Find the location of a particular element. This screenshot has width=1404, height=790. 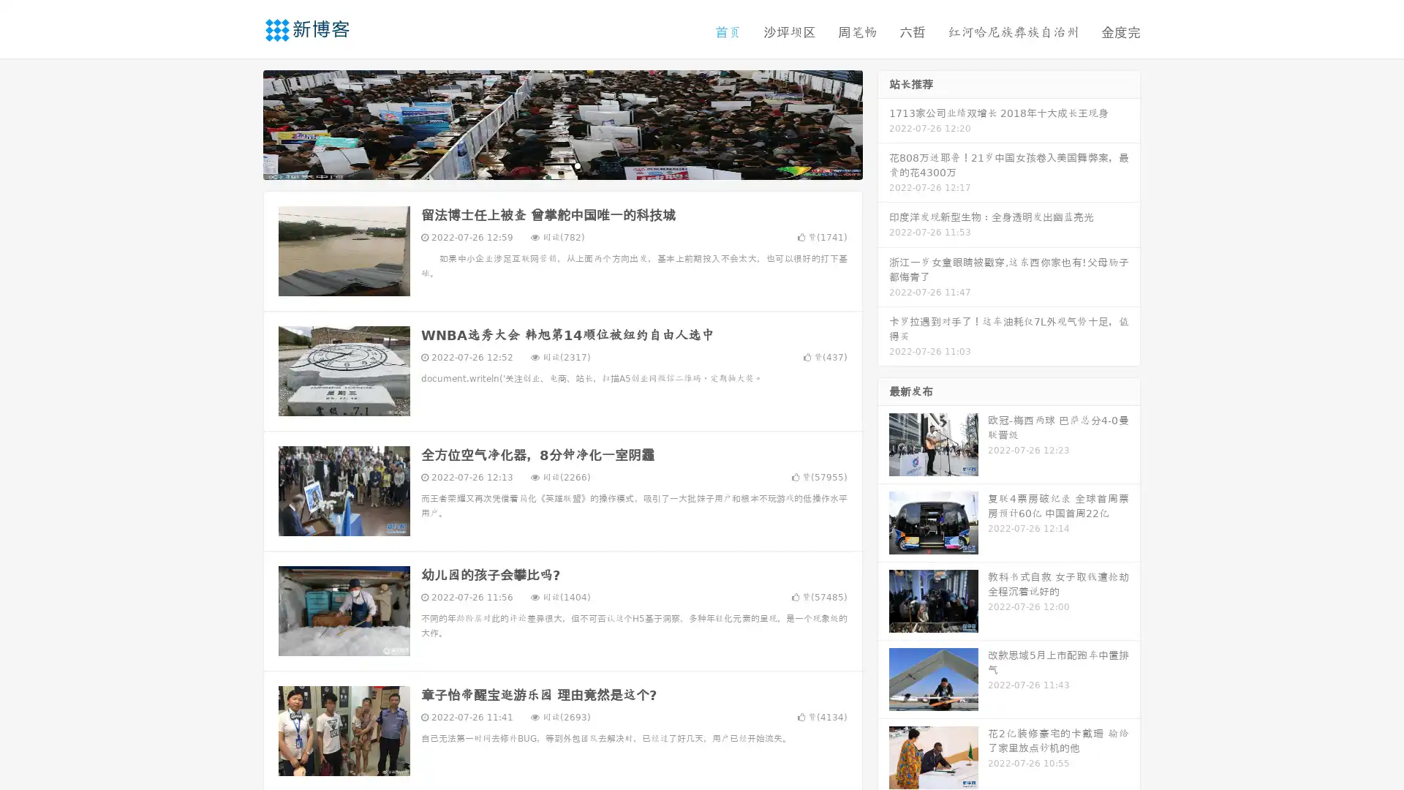

Go to slide 1 is located at coordinates (547, 165).